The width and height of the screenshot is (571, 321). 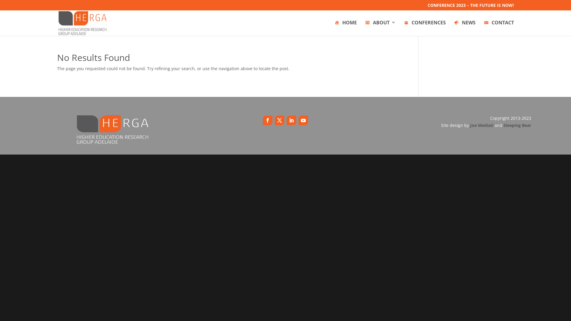 What do you see at coordinates (267, 120) in the screenshot?
I see `'Follow on Facebook'` at bounding box center [267, 120].